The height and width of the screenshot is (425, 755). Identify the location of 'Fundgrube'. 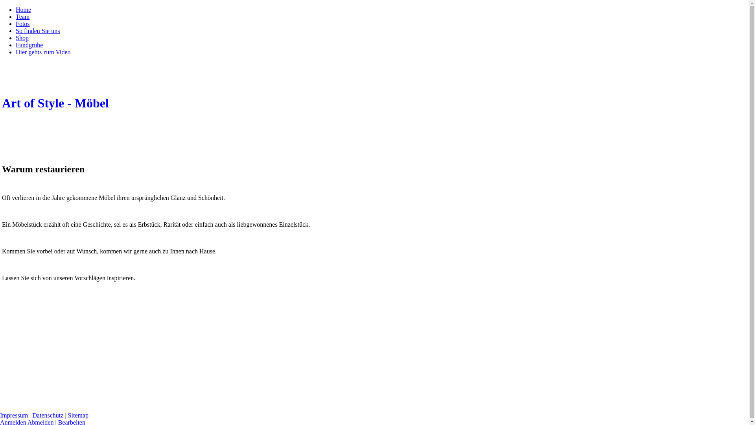
(15, 45).